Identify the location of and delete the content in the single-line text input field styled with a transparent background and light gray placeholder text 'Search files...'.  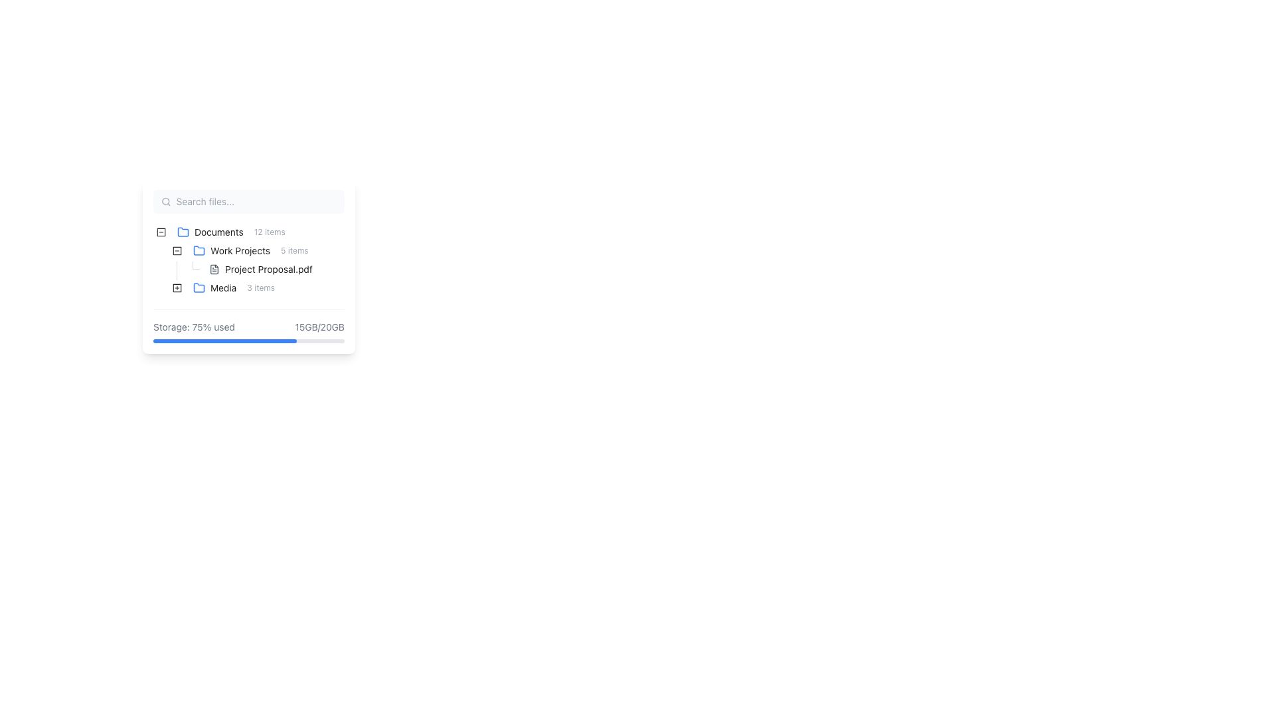
(256, 202).